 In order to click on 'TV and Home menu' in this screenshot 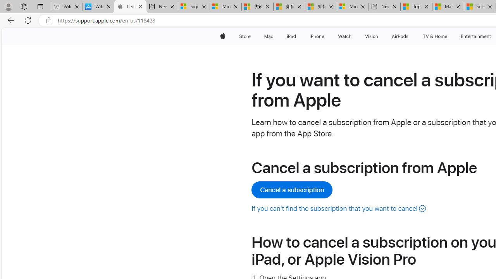, I will do `click(449, 36)`.